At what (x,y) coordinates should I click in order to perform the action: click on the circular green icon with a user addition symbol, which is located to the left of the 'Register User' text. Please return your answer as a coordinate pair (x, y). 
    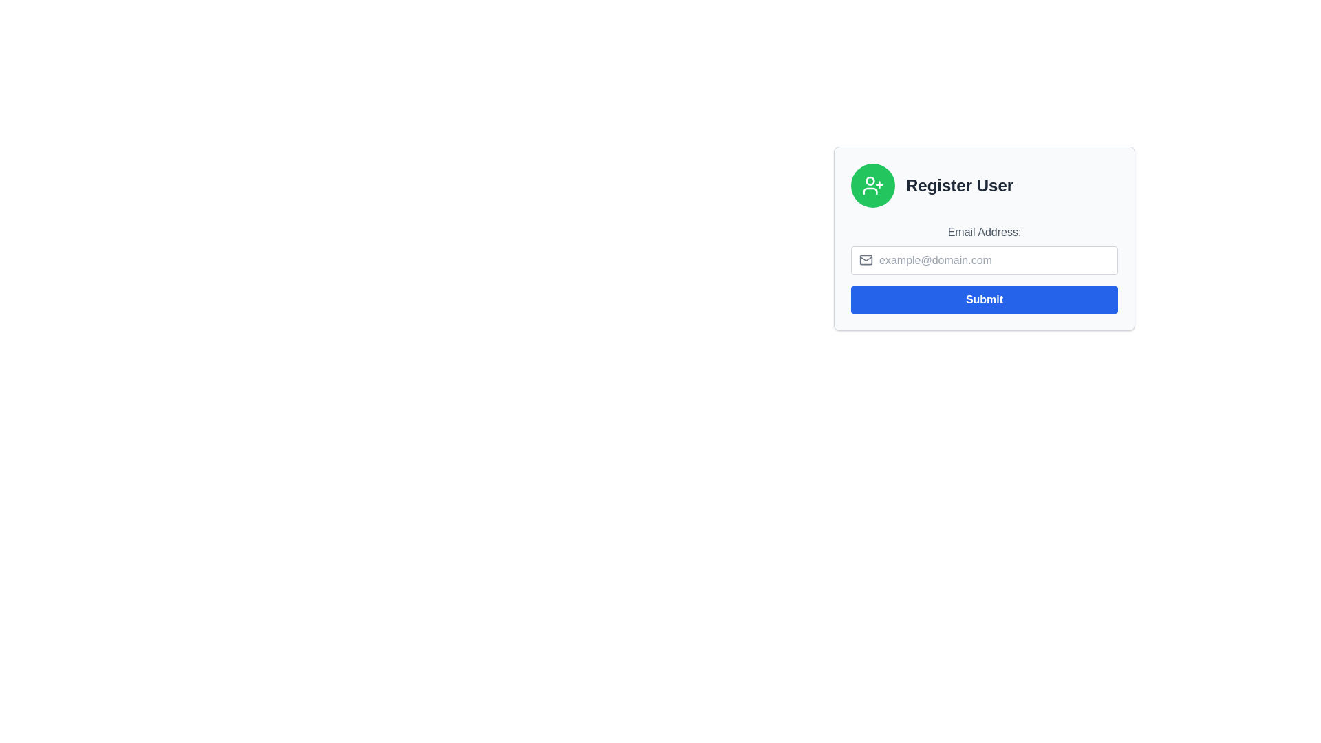
    Looking at the image, I should click on (872, 186).